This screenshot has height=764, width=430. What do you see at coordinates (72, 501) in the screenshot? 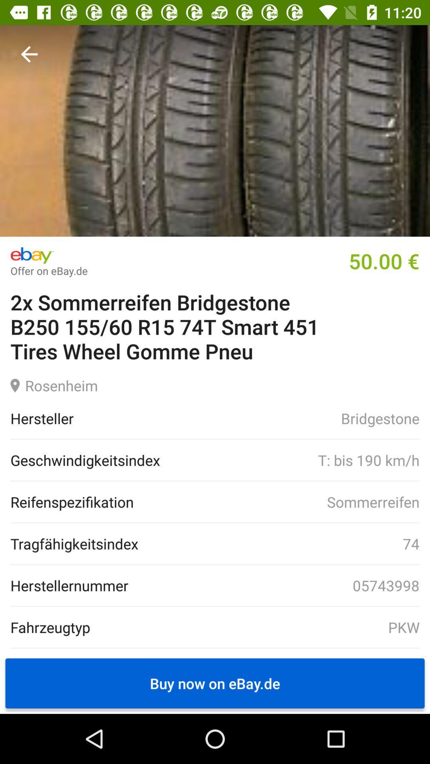
I see `the icon next to the sommerreifen` at bounding box center [72, 501].